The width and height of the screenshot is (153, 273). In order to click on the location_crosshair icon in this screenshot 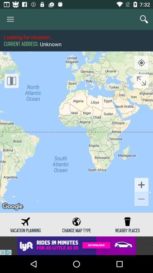, I will do `click(141, 63)`.